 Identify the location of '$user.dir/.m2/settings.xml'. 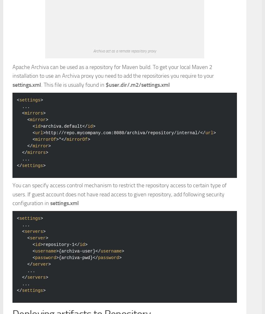
(105, 172).